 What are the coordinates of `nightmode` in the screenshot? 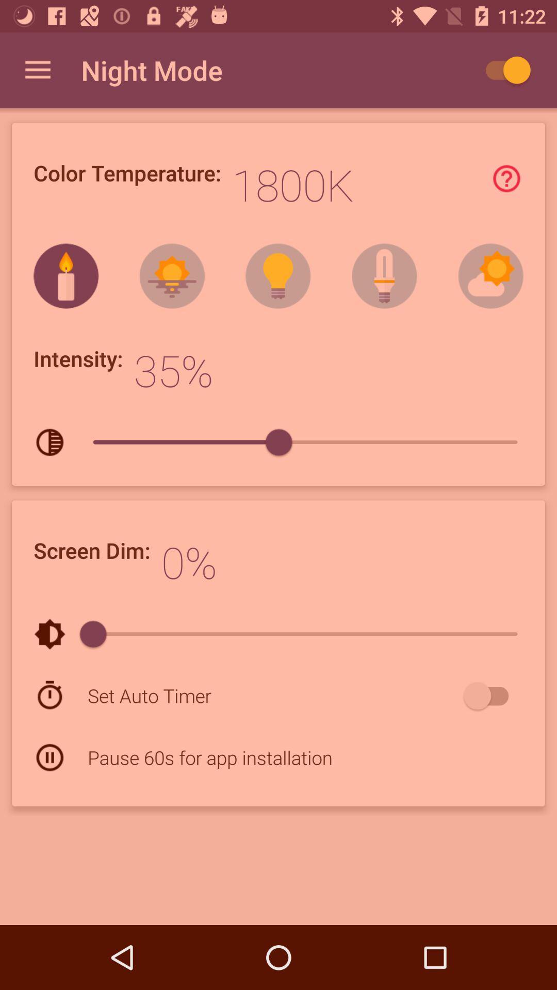 It's located at (502, 70).